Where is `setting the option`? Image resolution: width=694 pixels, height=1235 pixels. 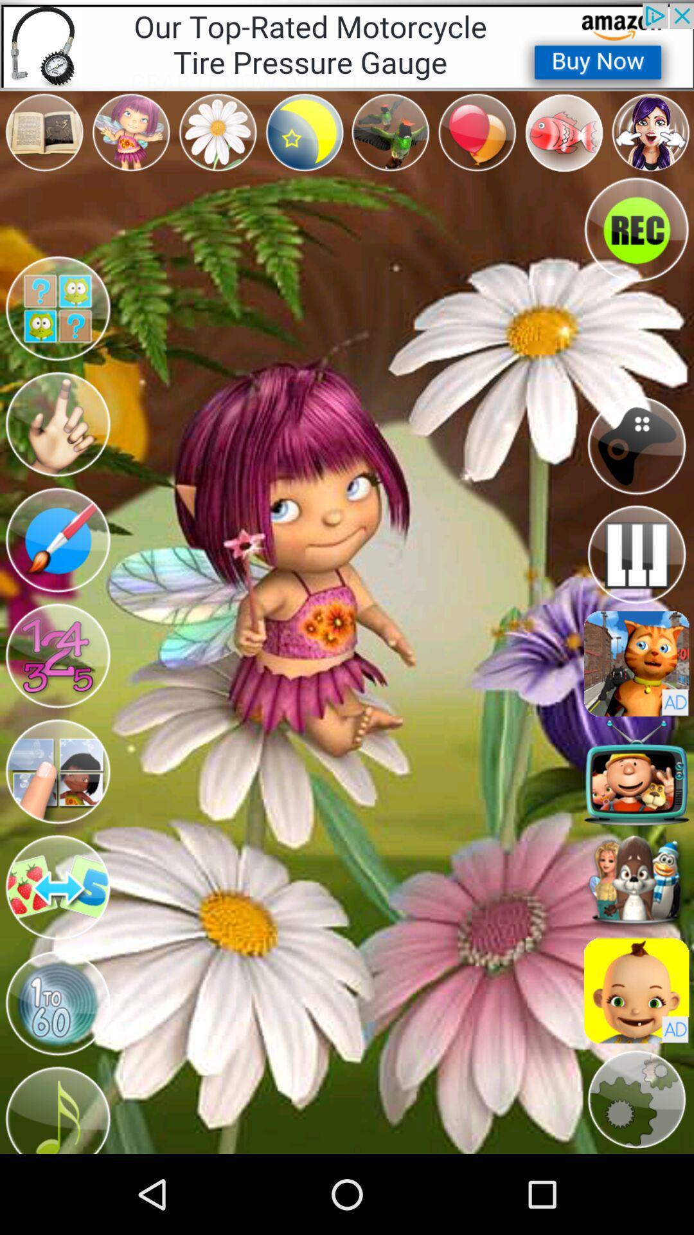
setting the option is located at coordinates (636, 1099).